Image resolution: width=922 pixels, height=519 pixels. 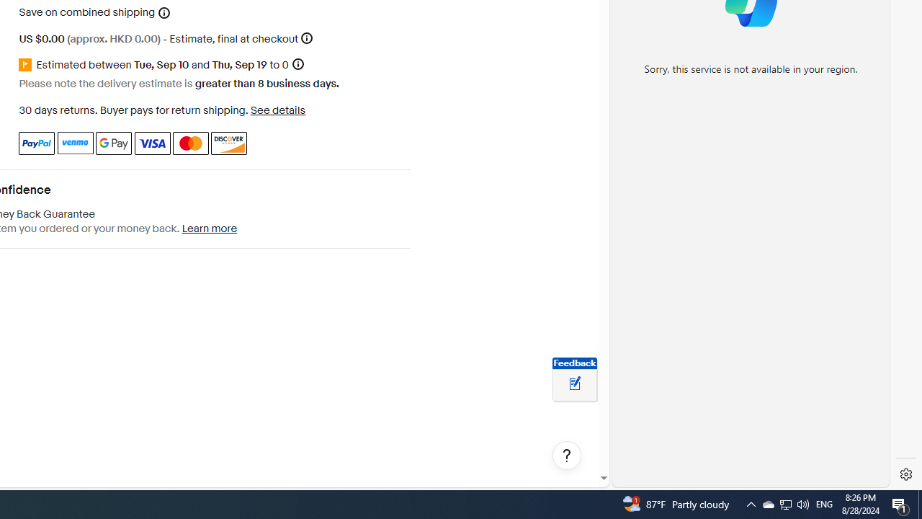 What do you see at coordinates (74, 143) in the screenshot?
I see `'Venmo'` at bounding box center [74, 143].